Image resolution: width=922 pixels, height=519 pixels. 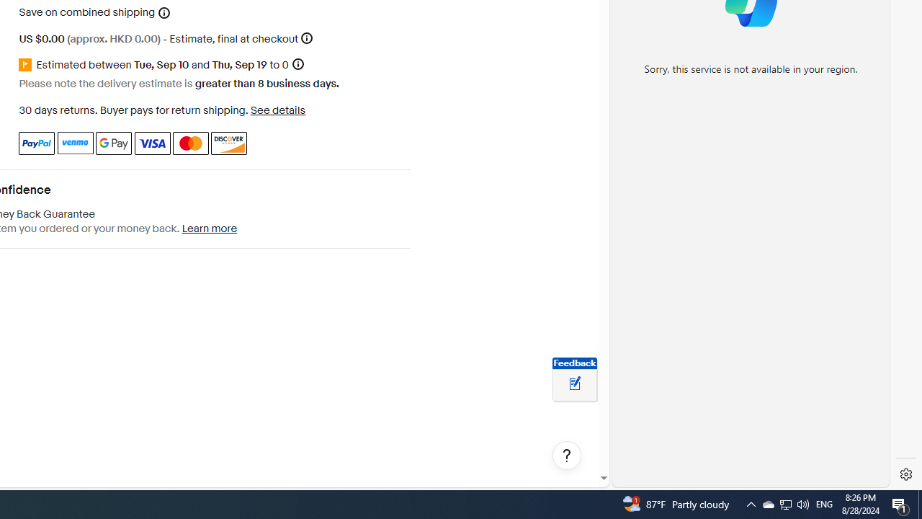 What do you see at coordinates (74, 143) in the screenshot?
I see `'Venmo'` at bounding box center [74, 143].